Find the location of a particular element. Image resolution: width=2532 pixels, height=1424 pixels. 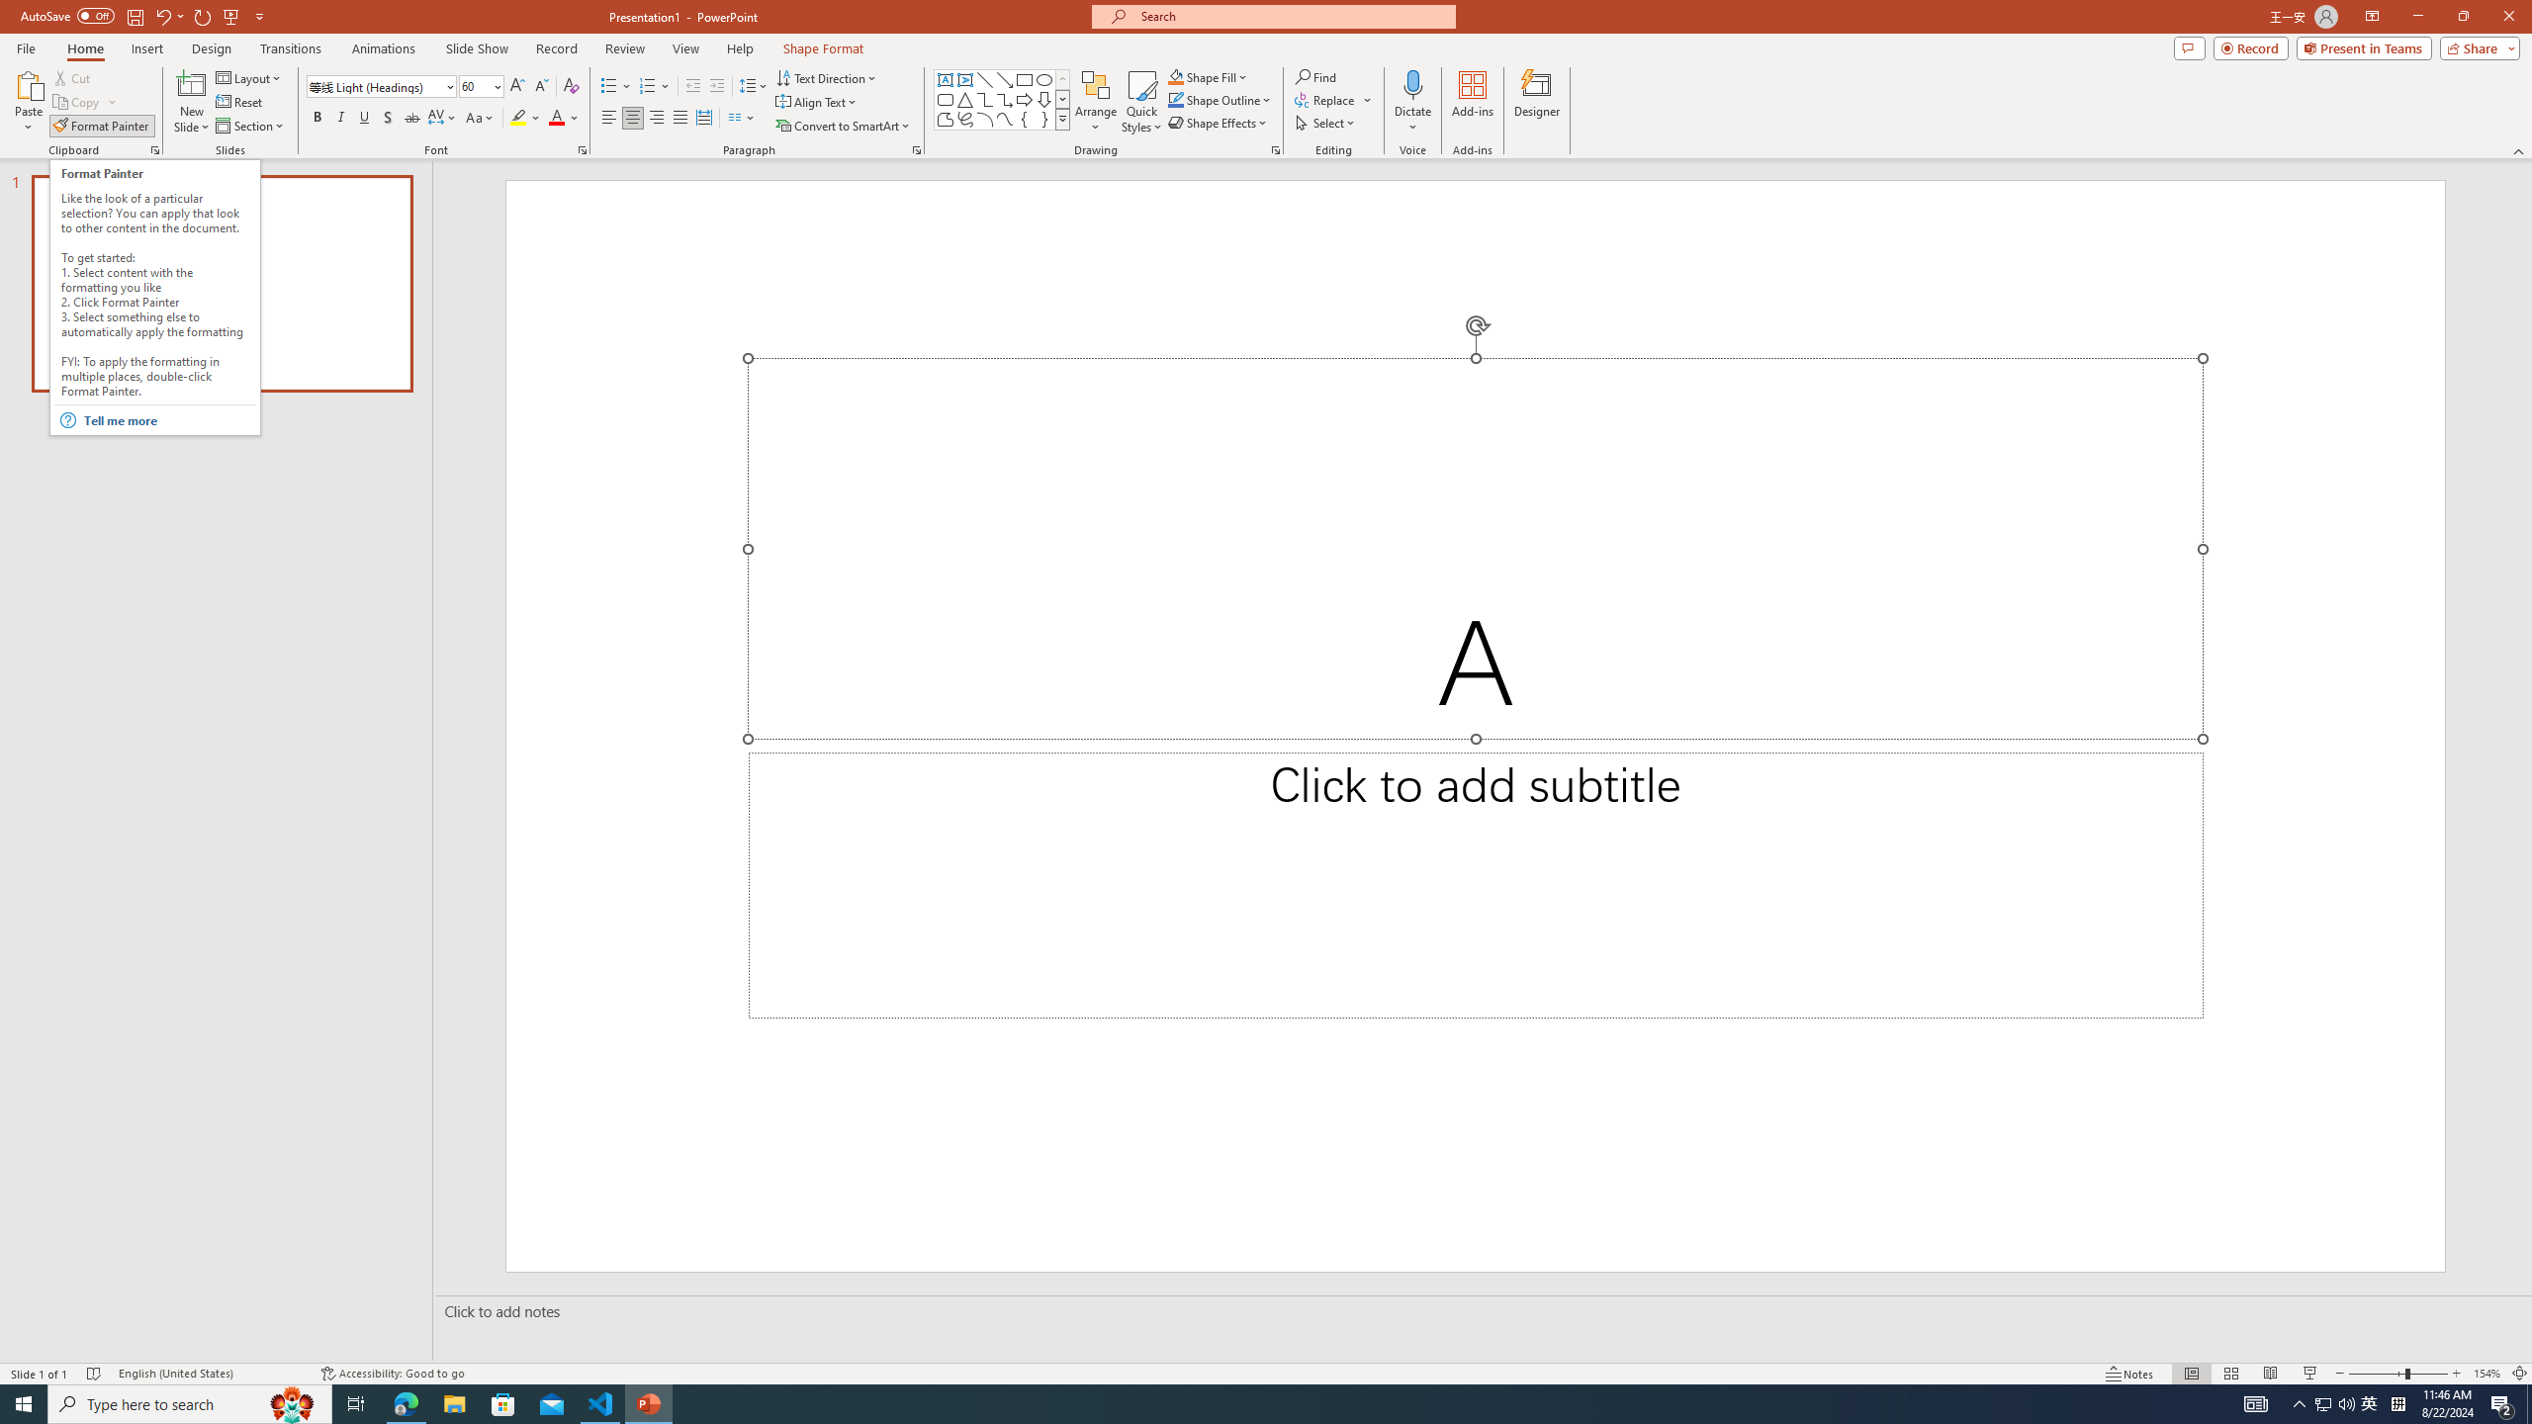

'Oval' is located at coordinates (1043, 79).